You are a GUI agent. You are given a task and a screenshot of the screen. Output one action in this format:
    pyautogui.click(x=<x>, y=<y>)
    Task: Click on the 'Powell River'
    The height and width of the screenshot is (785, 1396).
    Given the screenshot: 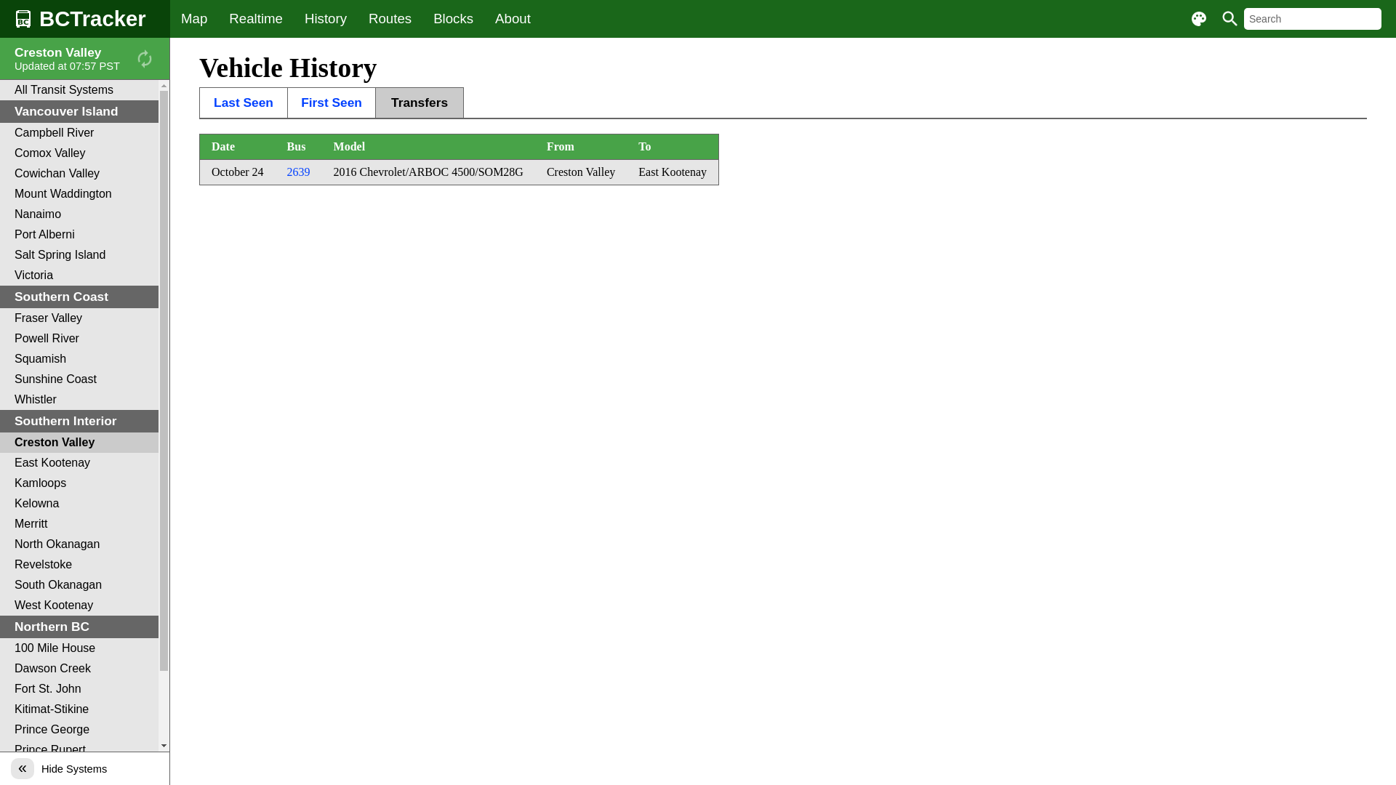 What is the action you would take?
    pyautogui.click(x=0, y=339)
    